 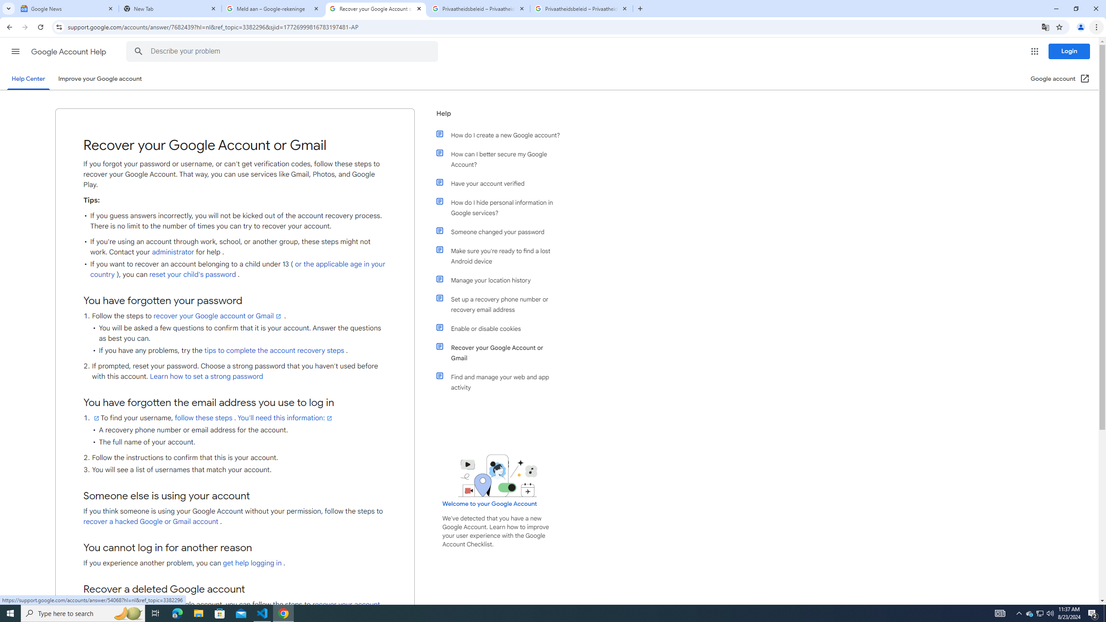 I want to click on 'Learning Center home page image', so click(x=497, y=475).